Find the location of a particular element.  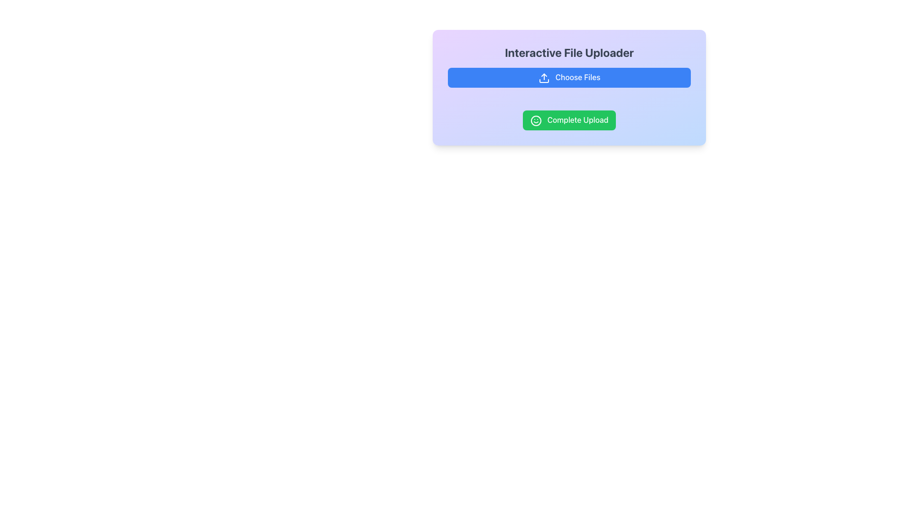

the 'Choose Files' button which contains the upload icon on its left side is located at coordinates (544, 77).